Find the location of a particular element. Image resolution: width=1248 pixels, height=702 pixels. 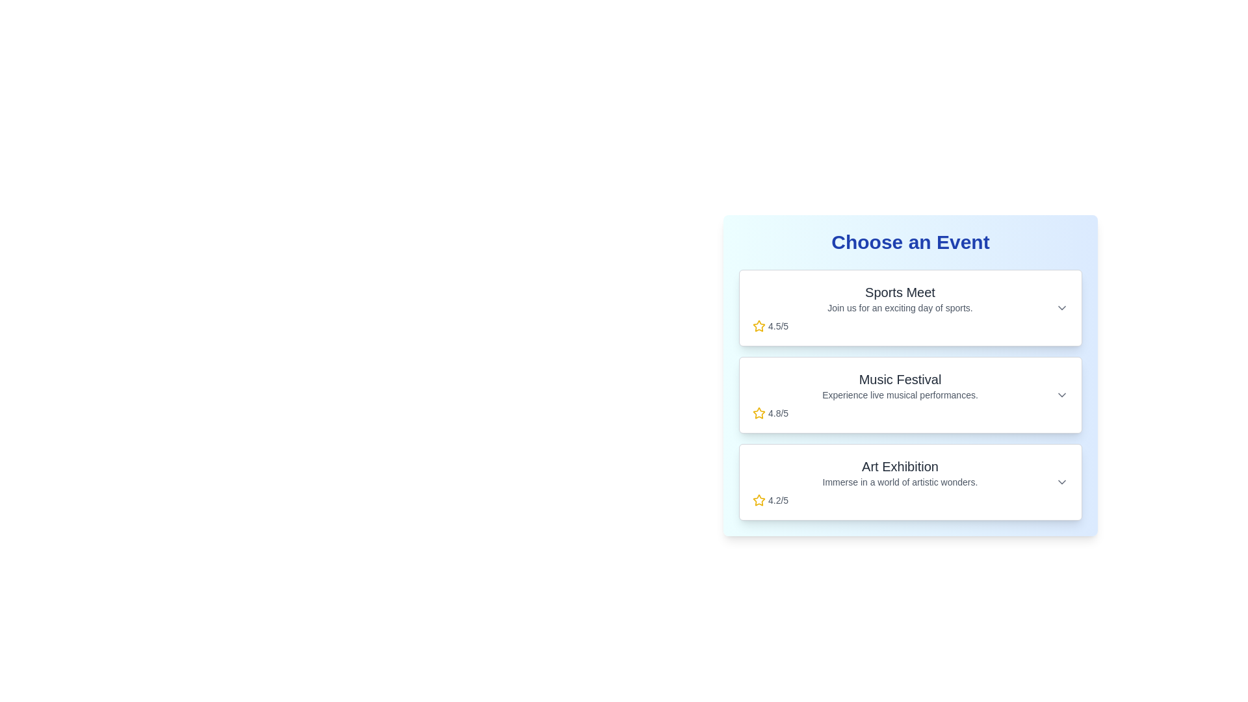

to select the 'Music Festival' interactive card, which features a bold title, a yellow star icon with a rating, and a gray chevron-down icon, located in the 'Choose an Event' section is located at coordinates (910, 395).